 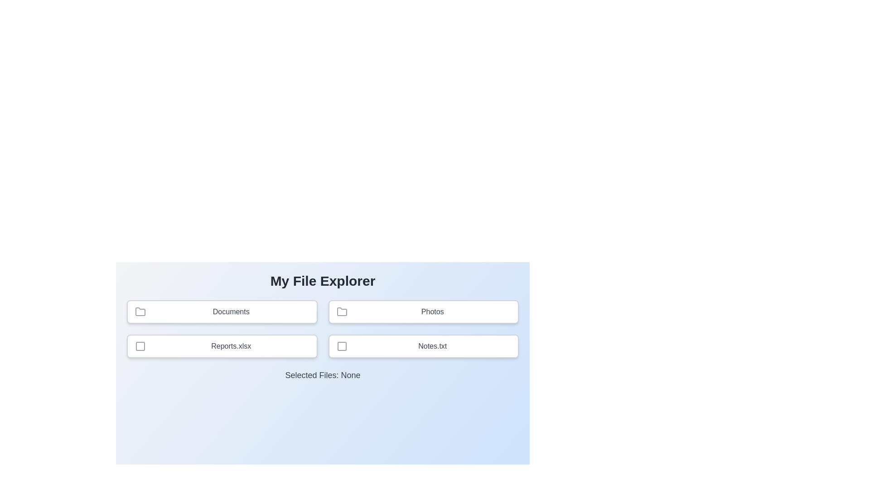 I want to click on the item Reports.xlsx by clicking on it, so click(x=222, y=346).